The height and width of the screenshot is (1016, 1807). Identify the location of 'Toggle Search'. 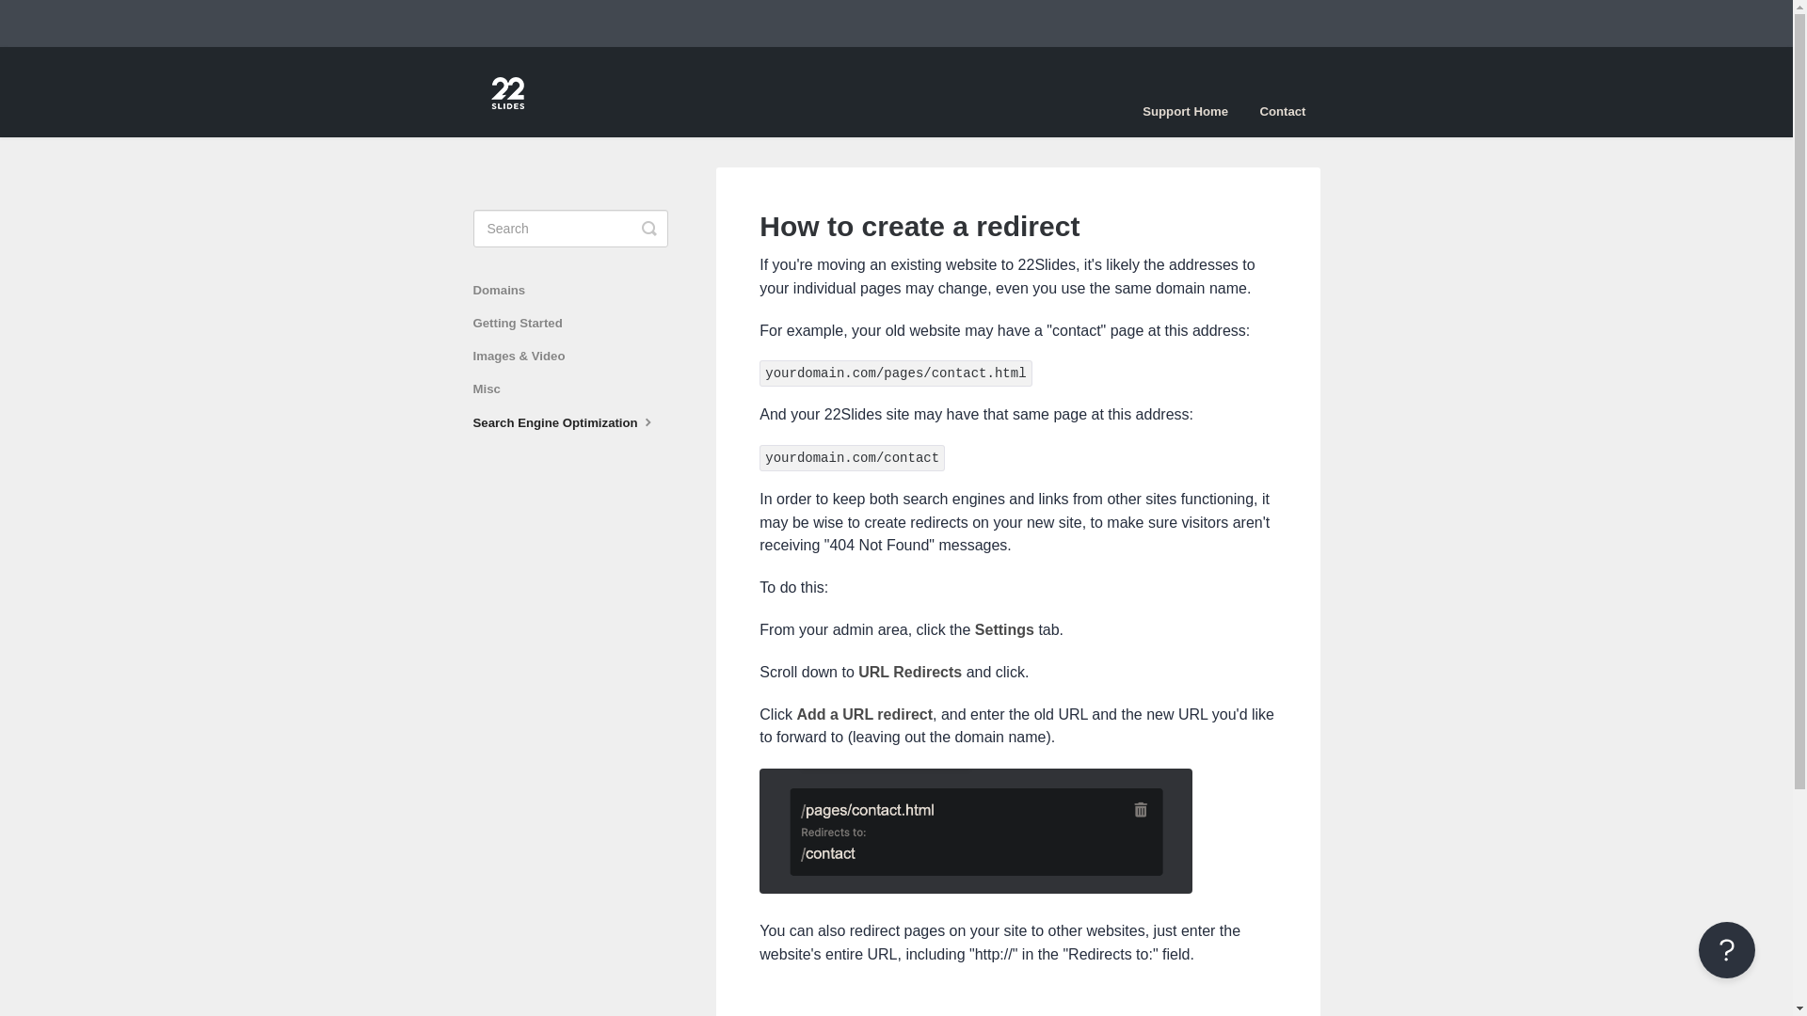
(649, 228).